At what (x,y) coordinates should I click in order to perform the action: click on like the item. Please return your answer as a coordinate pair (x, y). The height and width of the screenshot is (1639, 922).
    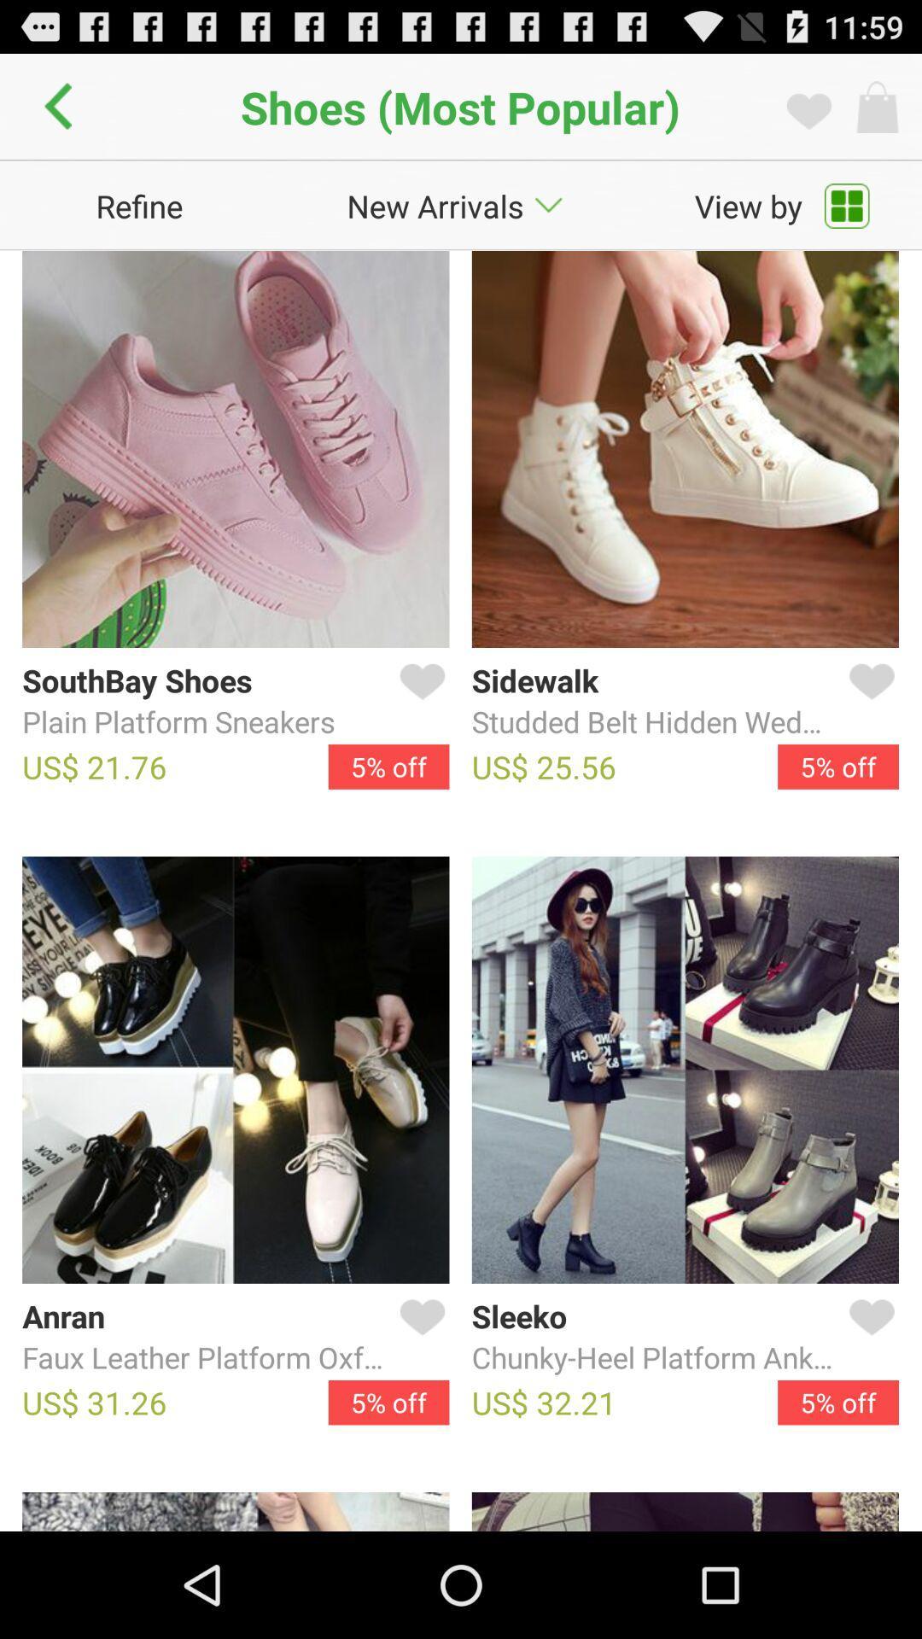
    Looking at the image, I should click on (868, 1337).